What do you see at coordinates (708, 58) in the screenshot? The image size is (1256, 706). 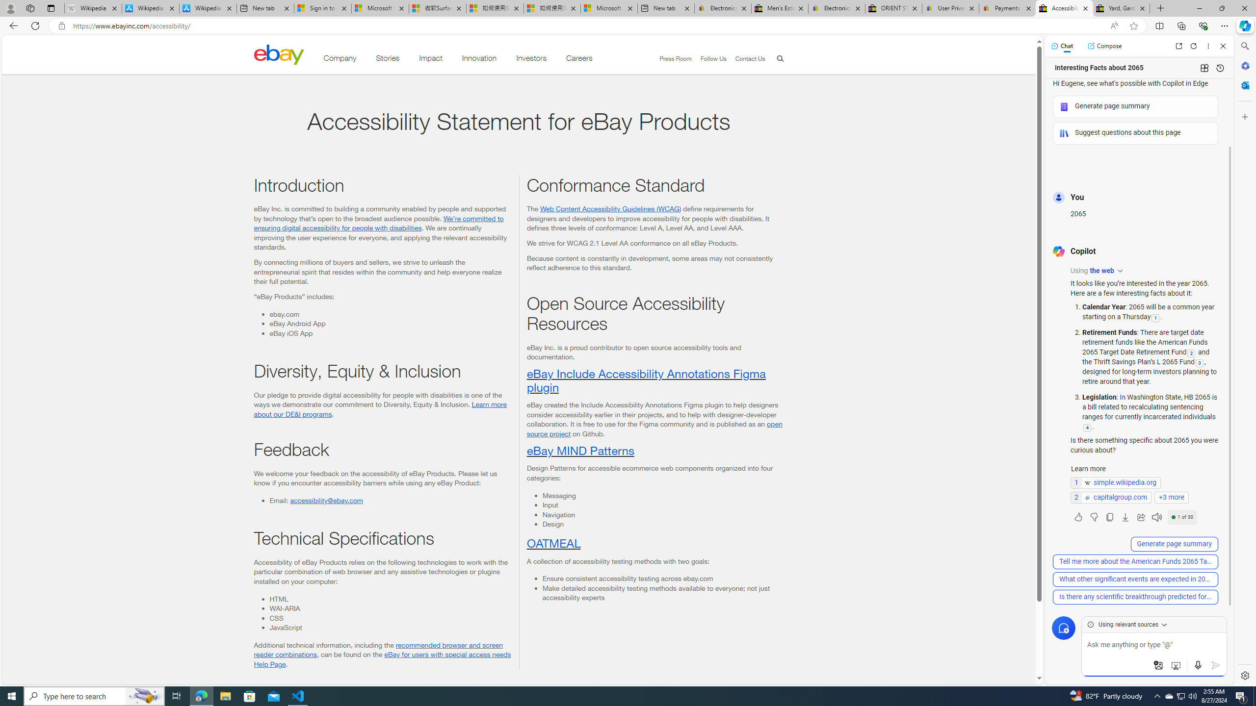 I see `'Follow Us'` at bounding box center [708, 58].